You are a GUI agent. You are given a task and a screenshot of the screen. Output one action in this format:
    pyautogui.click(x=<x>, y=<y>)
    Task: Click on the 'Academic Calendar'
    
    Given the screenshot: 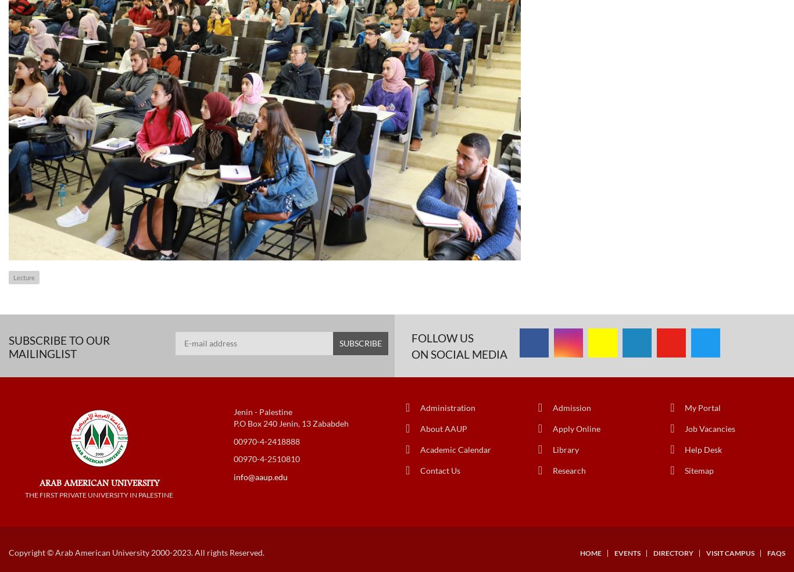 What is the action you would take?
    pyautogui.click(x=420, y=448)
    